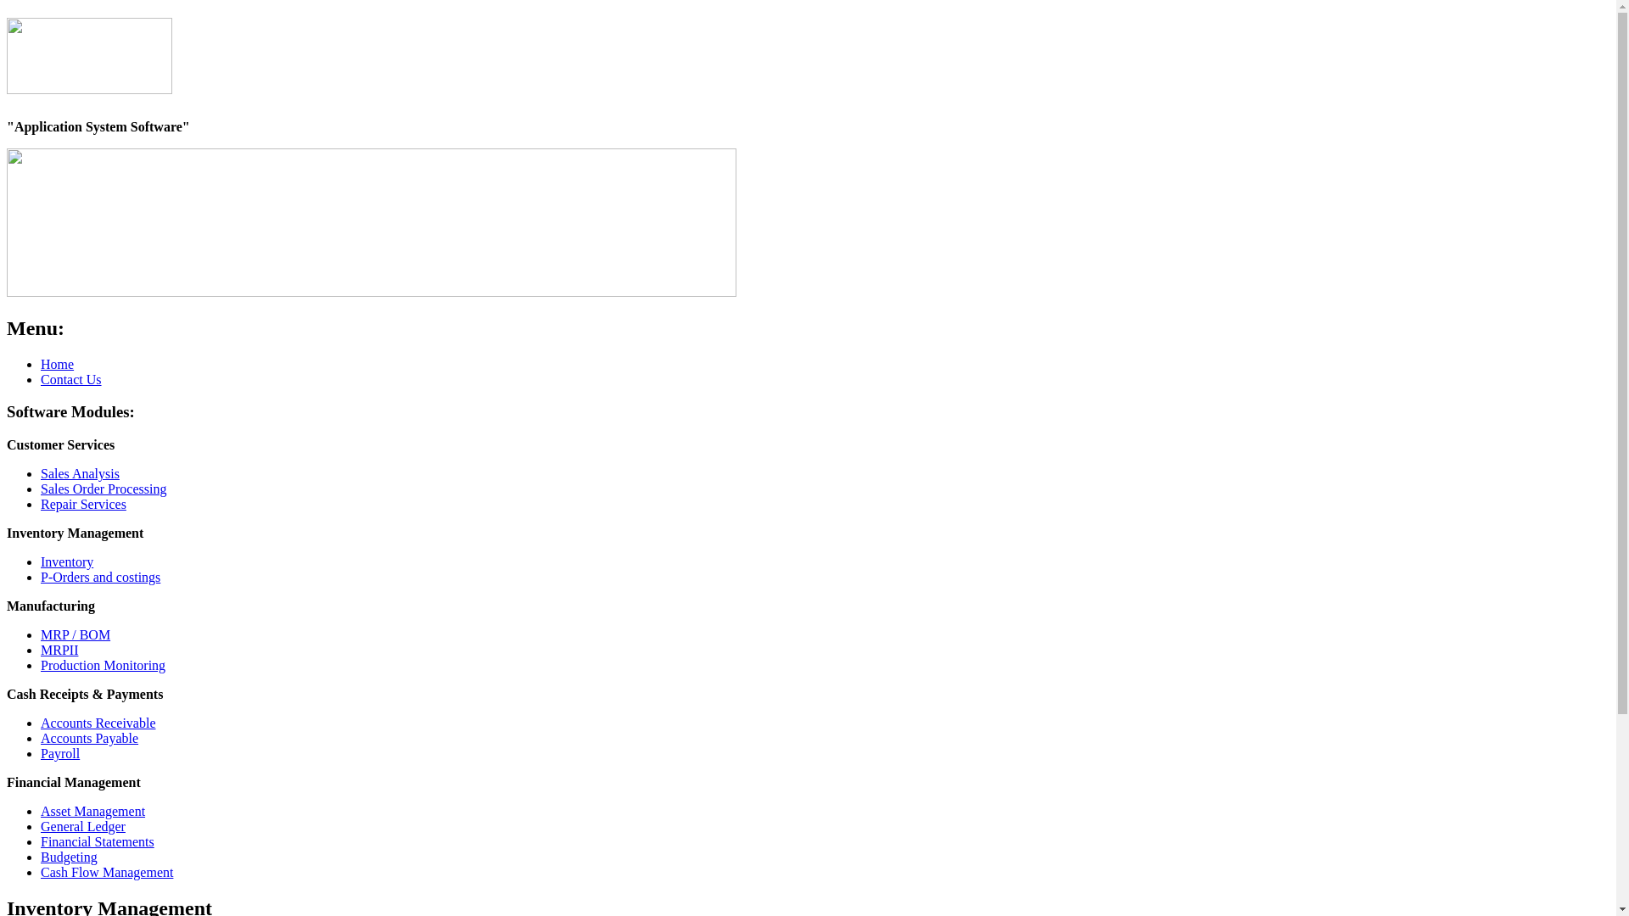 The height and width of the screenshot is (916, 1629). What do you see at coordinates (57, 363) in the screenshot?
I see `'Home'` at bounding box center [57, 363].